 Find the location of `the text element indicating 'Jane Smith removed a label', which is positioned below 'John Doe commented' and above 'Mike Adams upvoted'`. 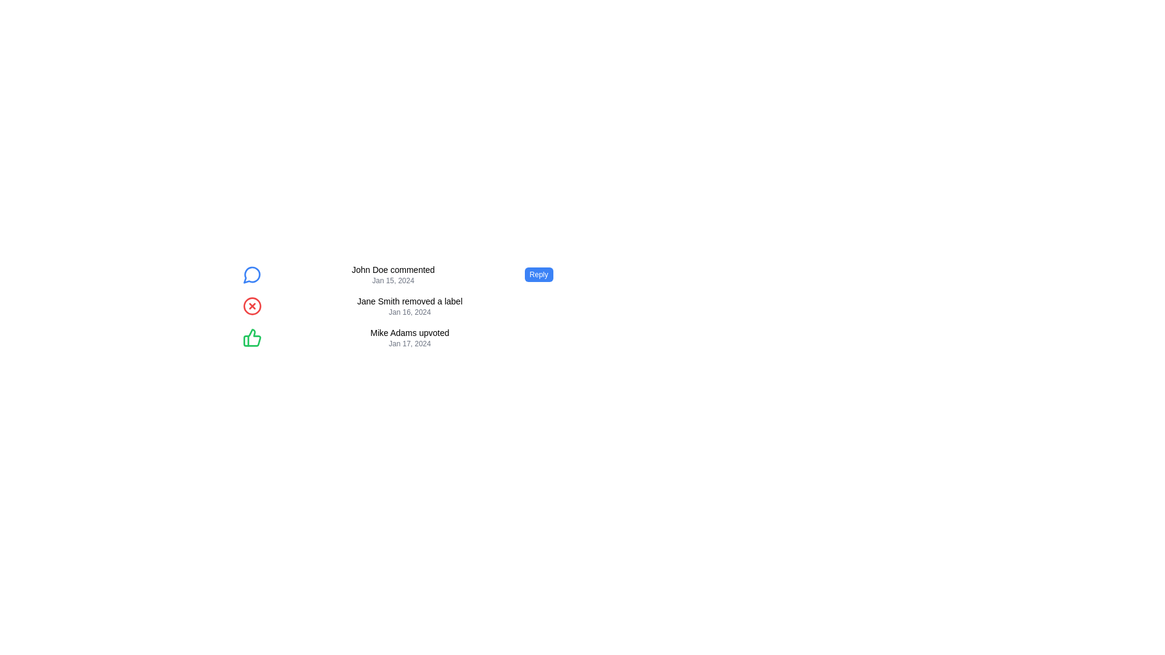

the text element indicating 'Jane Smith removed a label', which is positioned below 'John Doe commented' and above 'Mike Adams upvoted' is located at coordinates (410, 301).